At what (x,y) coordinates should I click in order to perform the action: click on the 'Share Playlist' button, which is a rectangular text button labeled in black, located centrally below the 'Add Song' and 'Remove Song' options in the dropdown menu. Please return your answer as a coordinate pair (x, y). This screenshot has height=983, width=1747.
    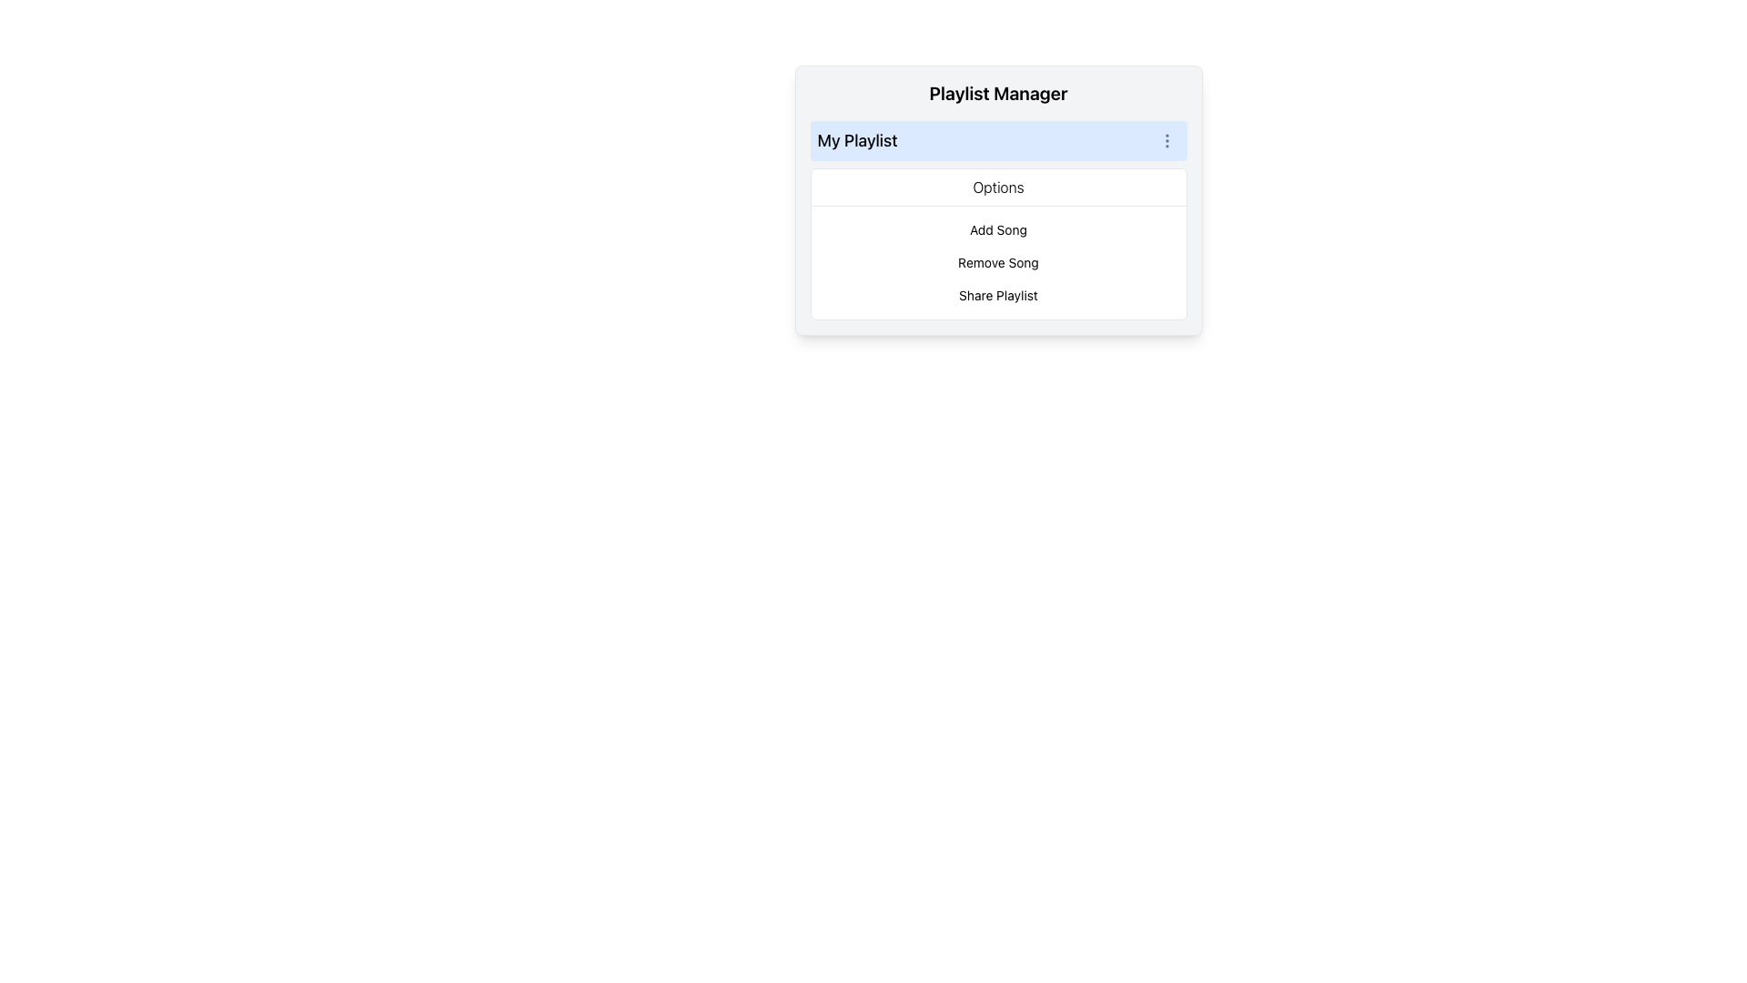
    Looking at the image, I should click on (997, 294).